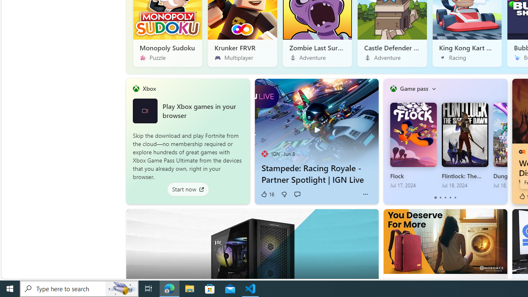 The image size is (528, 297). What do you see at coordinates (435, 198) in the screenshot?
I see `'tab-0'` at bounding box center [435, 198].